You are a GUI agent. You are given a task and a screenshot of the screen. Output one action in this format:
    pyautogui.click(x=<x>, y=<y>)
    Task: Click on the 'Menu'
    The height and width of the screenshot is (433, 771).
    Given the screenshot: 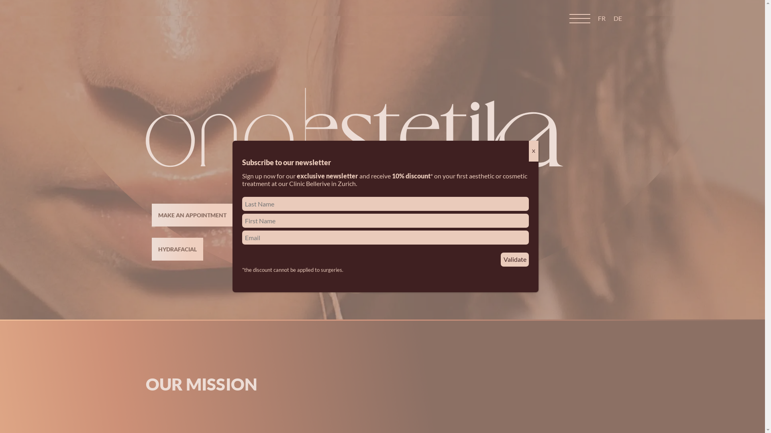 What is the action you would take?
    pyautogui.click(x=580, y=18)
    